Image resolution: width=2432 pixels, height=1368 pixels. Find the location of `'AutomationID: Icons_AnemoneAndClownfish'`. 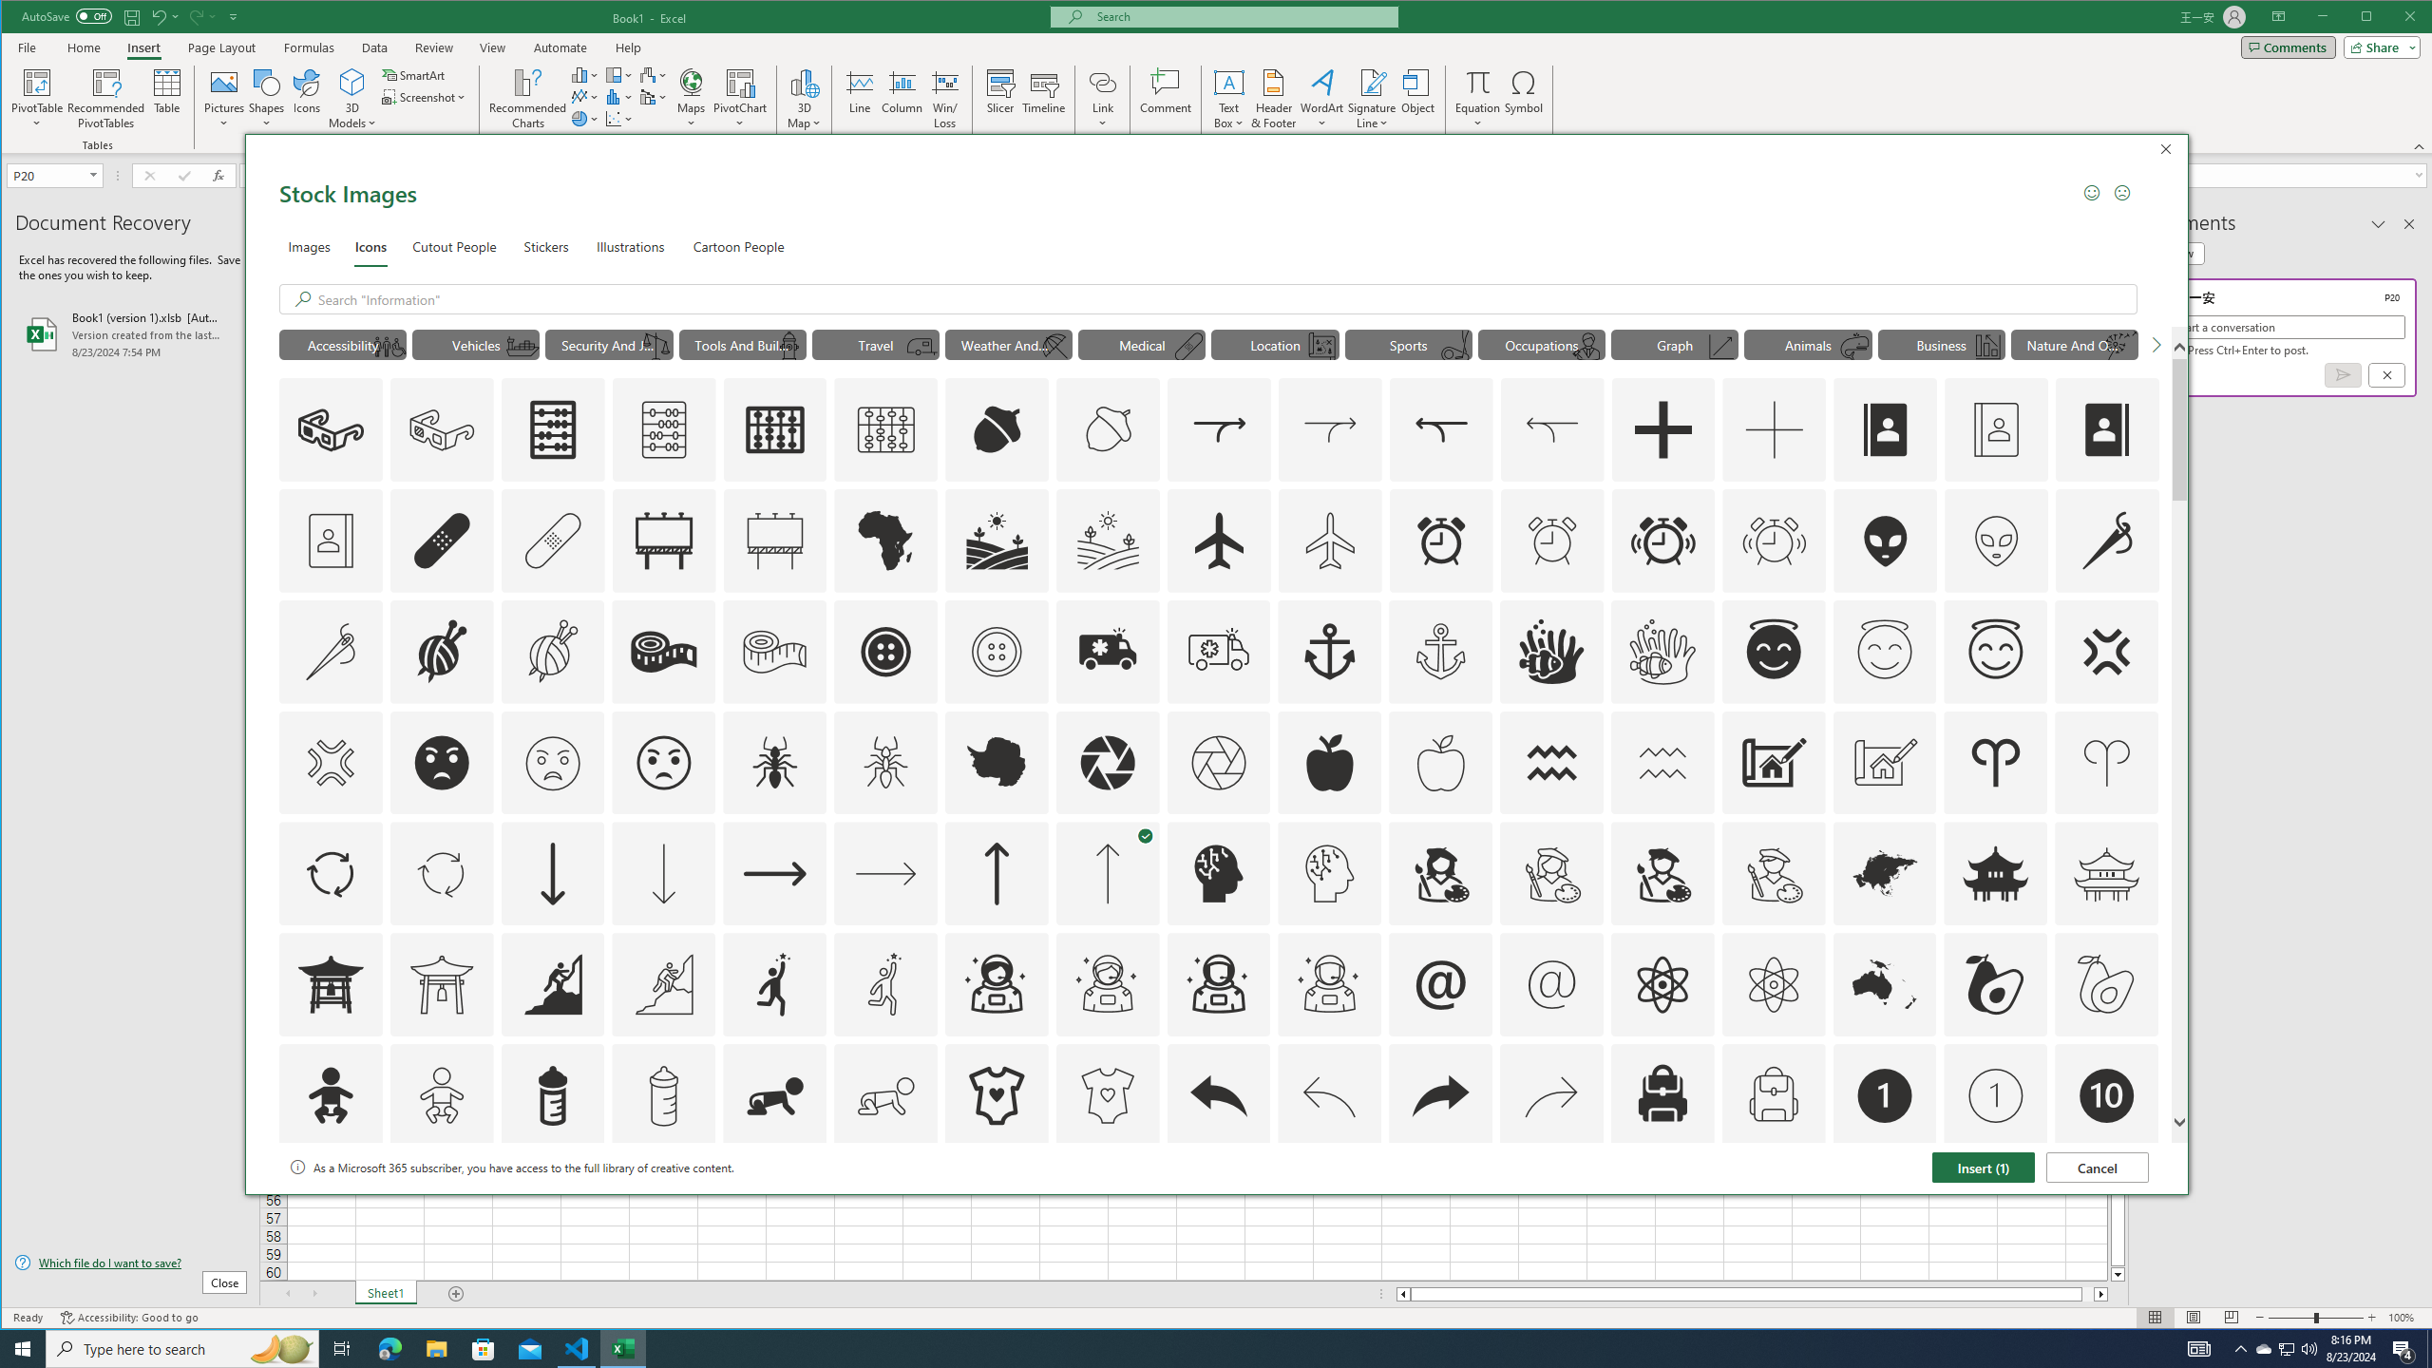

'AutomationID: Icons_AnemoneAndClownfish' is located at coordinates (1550, 651).